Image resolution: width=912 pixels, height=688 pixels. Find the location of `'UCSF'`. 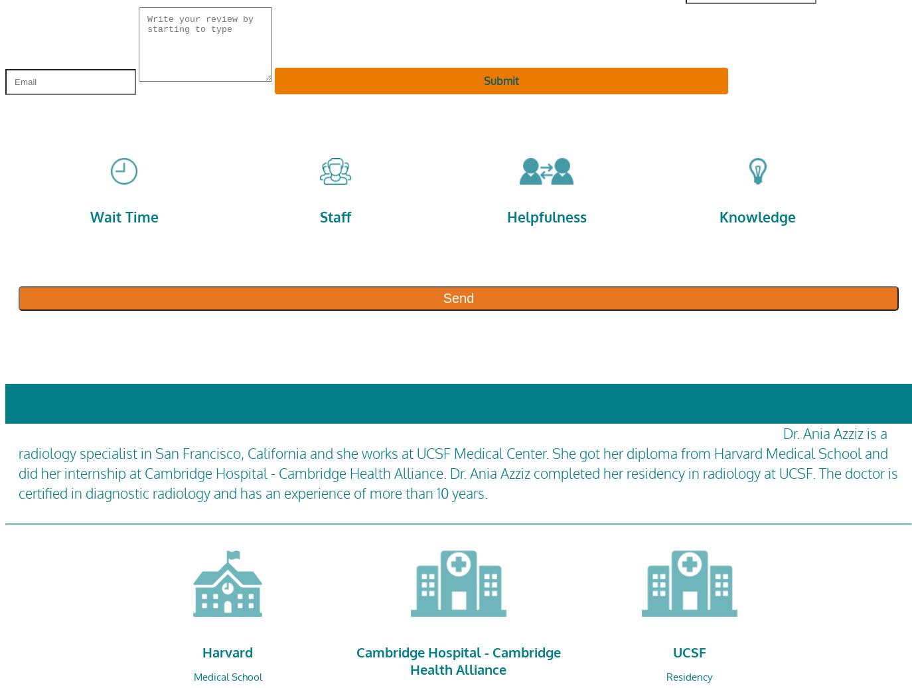

'UCSF' is located at coordinates (689, 651).